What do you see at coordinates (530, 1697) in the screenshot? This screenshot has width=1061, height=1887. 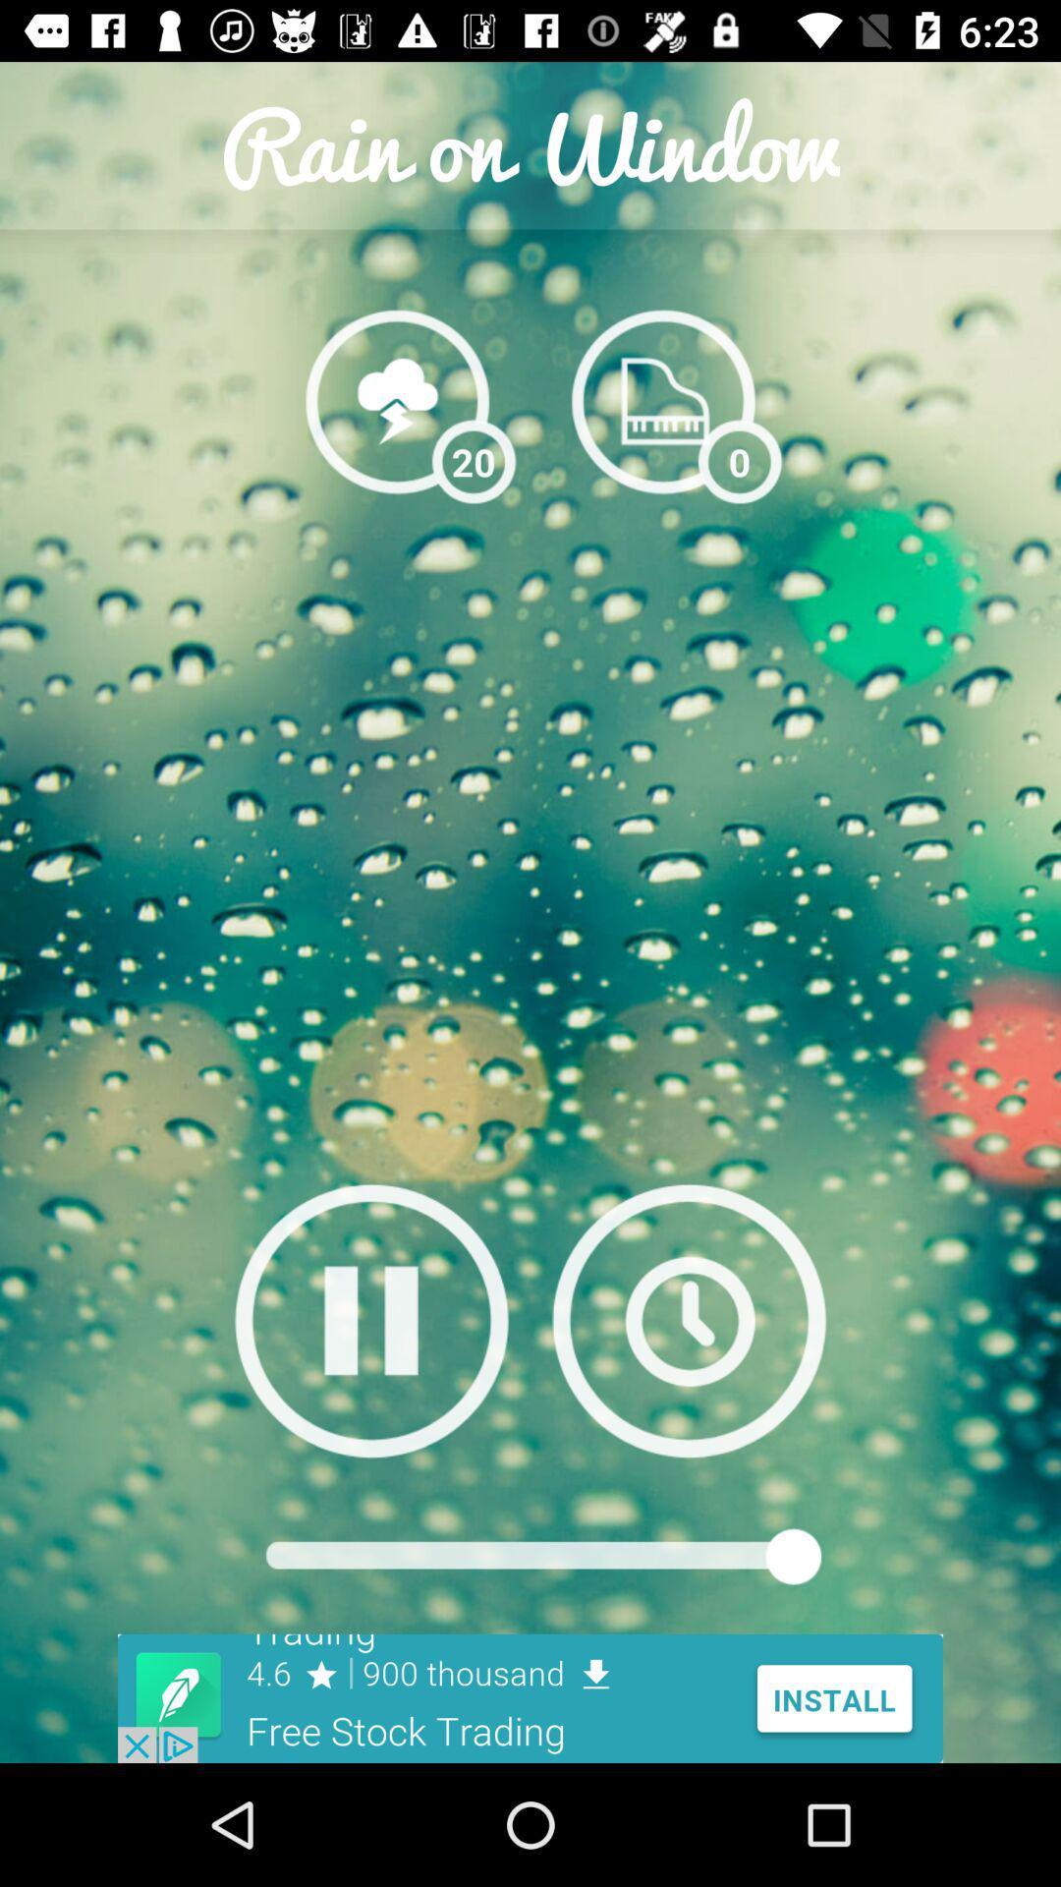 I see `advertisement button for stock trading` at bounding box center [530, 1697].